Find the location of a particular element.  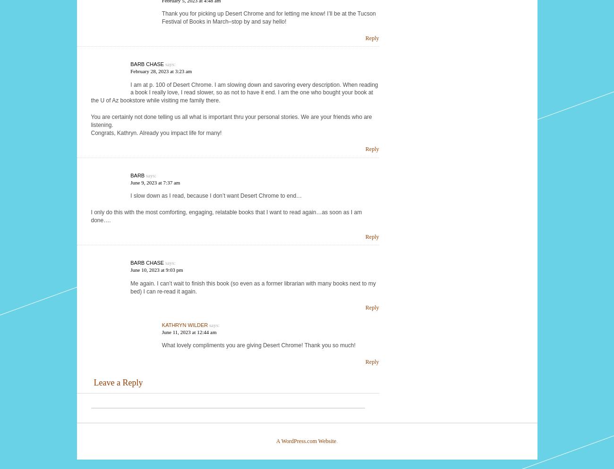

'Thank you for picking up Desert Chrome and for letting me know! I’ll be at the Tucson Festival of Books in March–stop by and say hello!' is located at coordinates (268, 17).